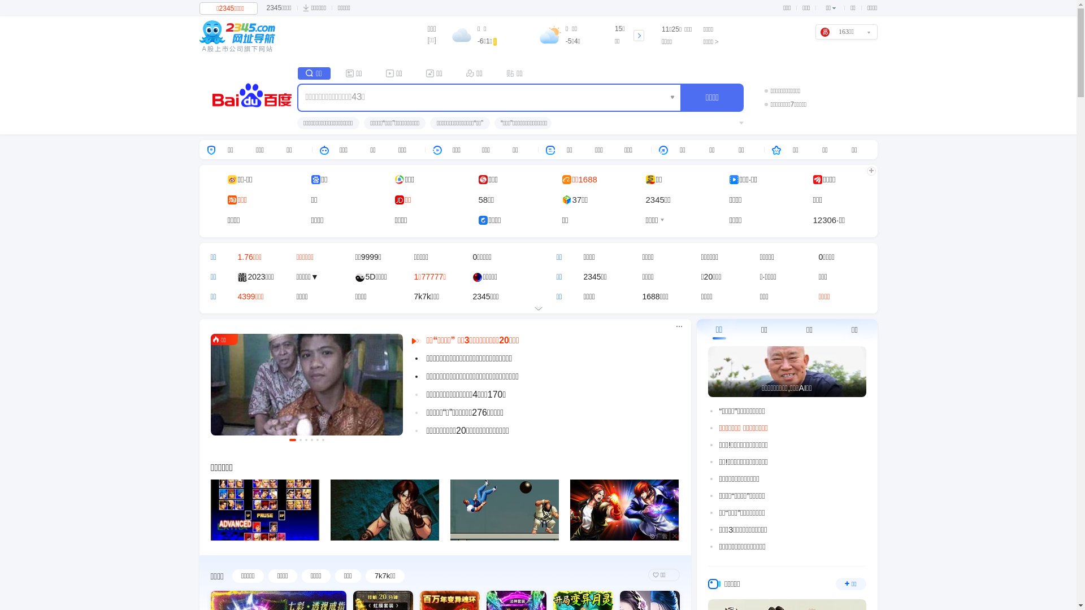 This screenshot has height=610, width=1085. I want to click on '12306', so click(824, 220).